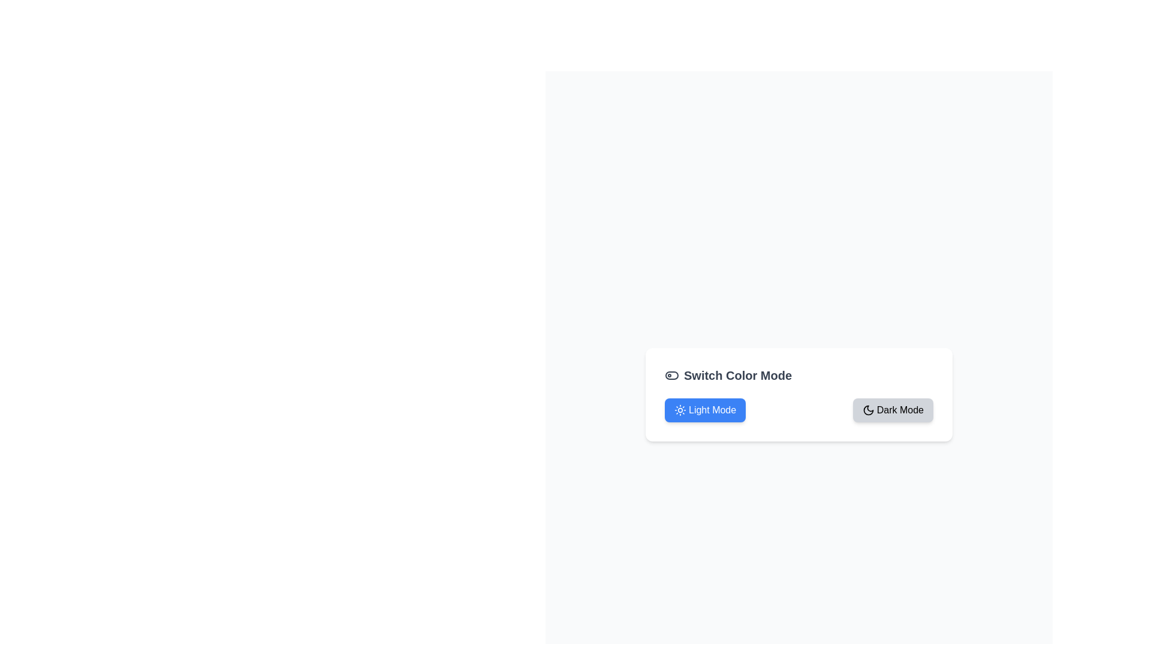  Describe the element at coordinates (680, 410) in the screenshot. I see `the sun-like icon located inside the 'Light Mode' button, which features a circular core and rays extending outward` at that location.